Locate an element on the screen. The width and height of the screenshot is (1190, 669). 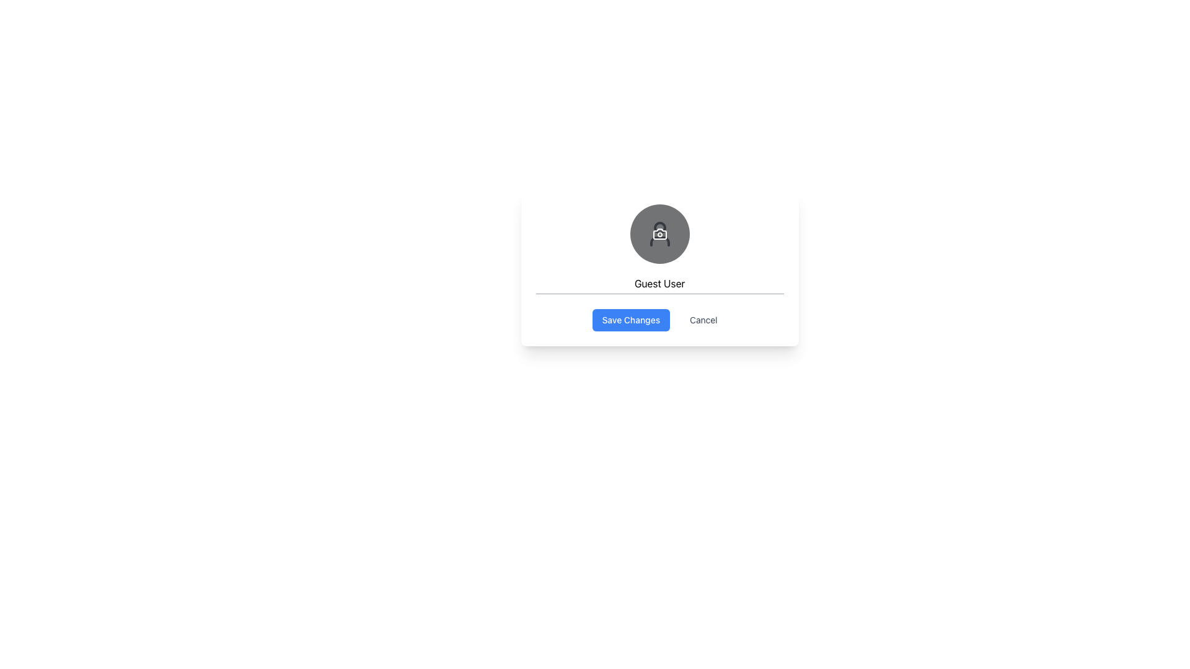
the SVG circle element that represents the user's head in the profile avatar, centrally positioned within the gray circular profile area is located at coordinates (659, 227).